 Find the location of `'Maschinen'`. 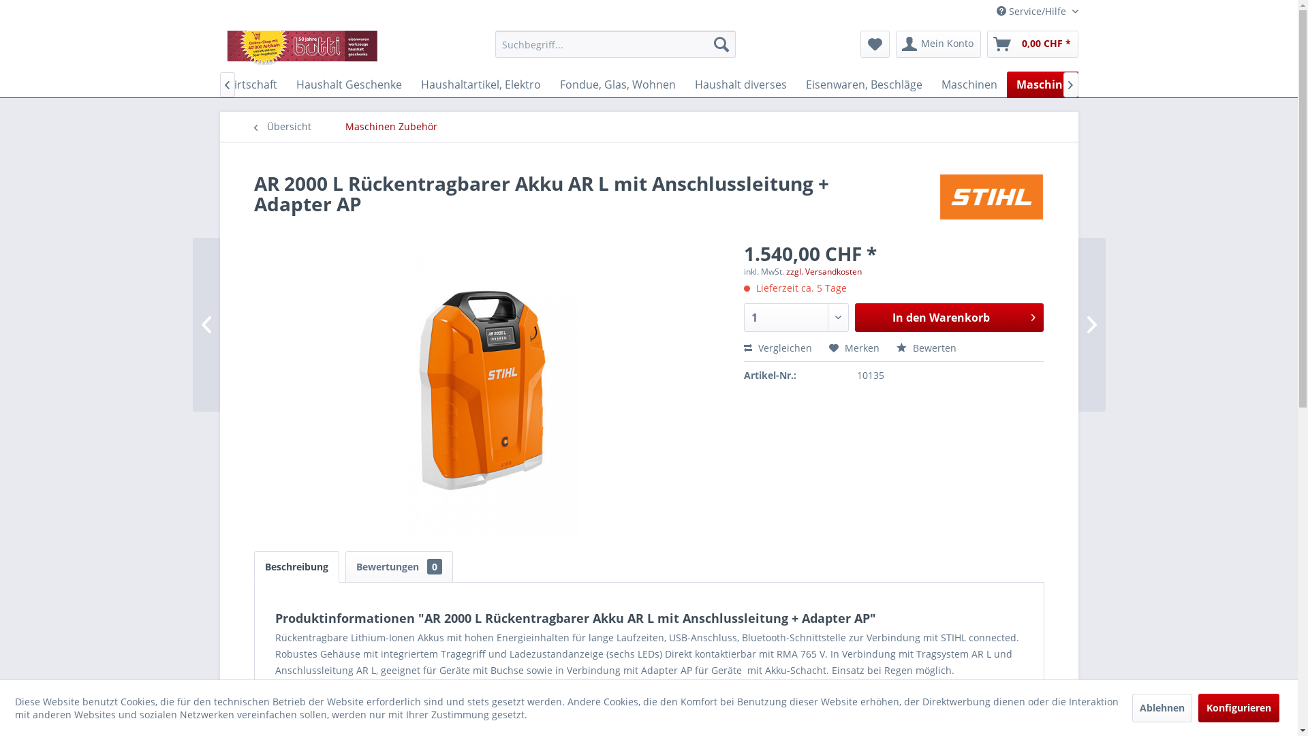

'Maschinen' is located at coordinates (968, 84).